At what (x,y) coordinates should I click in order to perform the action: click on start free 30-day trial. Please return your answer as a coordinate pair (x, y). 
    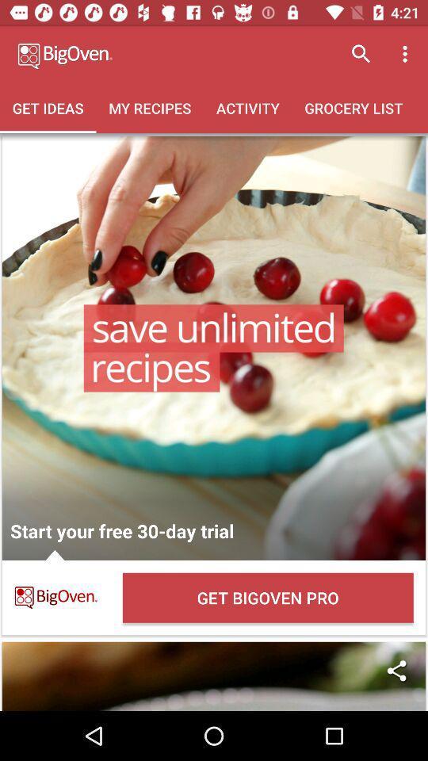
    Looking at the image, I should click on (214, 348).